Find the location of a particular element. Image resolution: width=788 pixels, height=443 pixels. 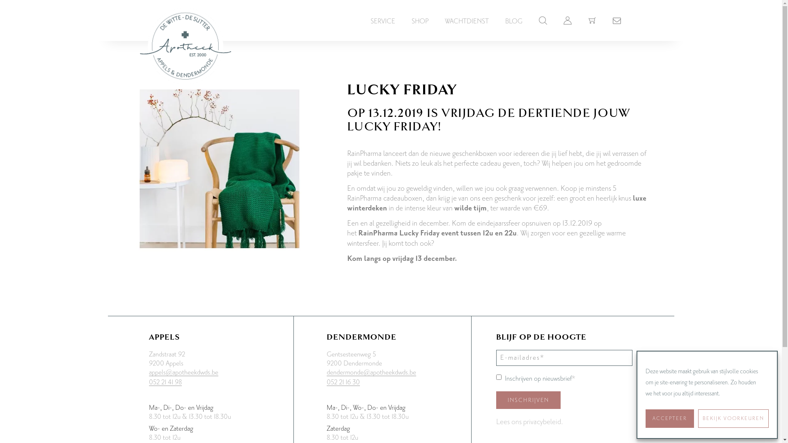

'ACCEPTEER' is located at coordinates (670, 418).